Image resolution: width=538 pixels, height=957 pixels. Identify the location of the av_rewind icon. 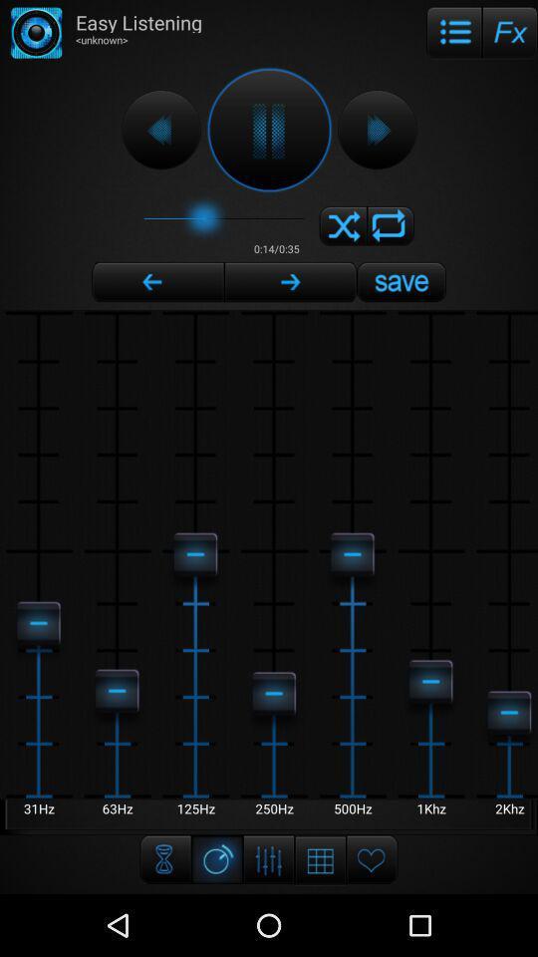
(159, 138).